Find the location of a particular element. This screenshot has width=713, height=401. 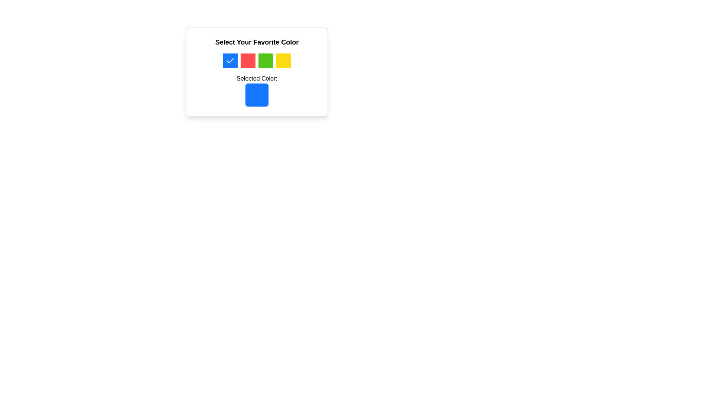

the red button located in the group of four colorful boxes, situated between the blue box and the green box is located at coordinates (248, 61).